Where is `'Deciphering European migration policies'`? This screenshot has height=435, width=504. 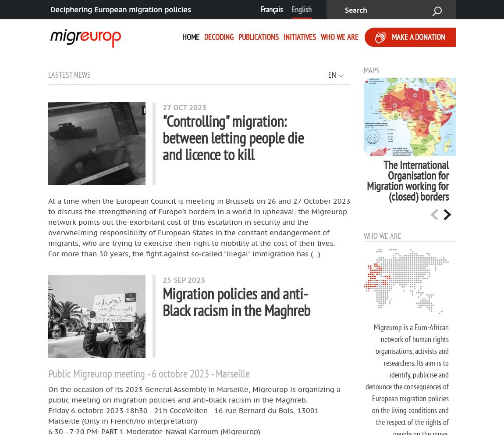
'Deciphering European migration policies' is located at coordinates (120, 9).